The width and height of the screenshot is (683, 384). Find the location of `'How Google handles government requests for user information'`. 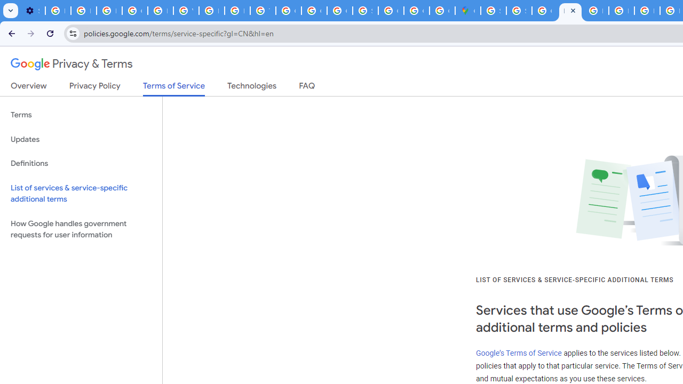

'How Google handles government requests for user information' is located at coordinates (81, 228).